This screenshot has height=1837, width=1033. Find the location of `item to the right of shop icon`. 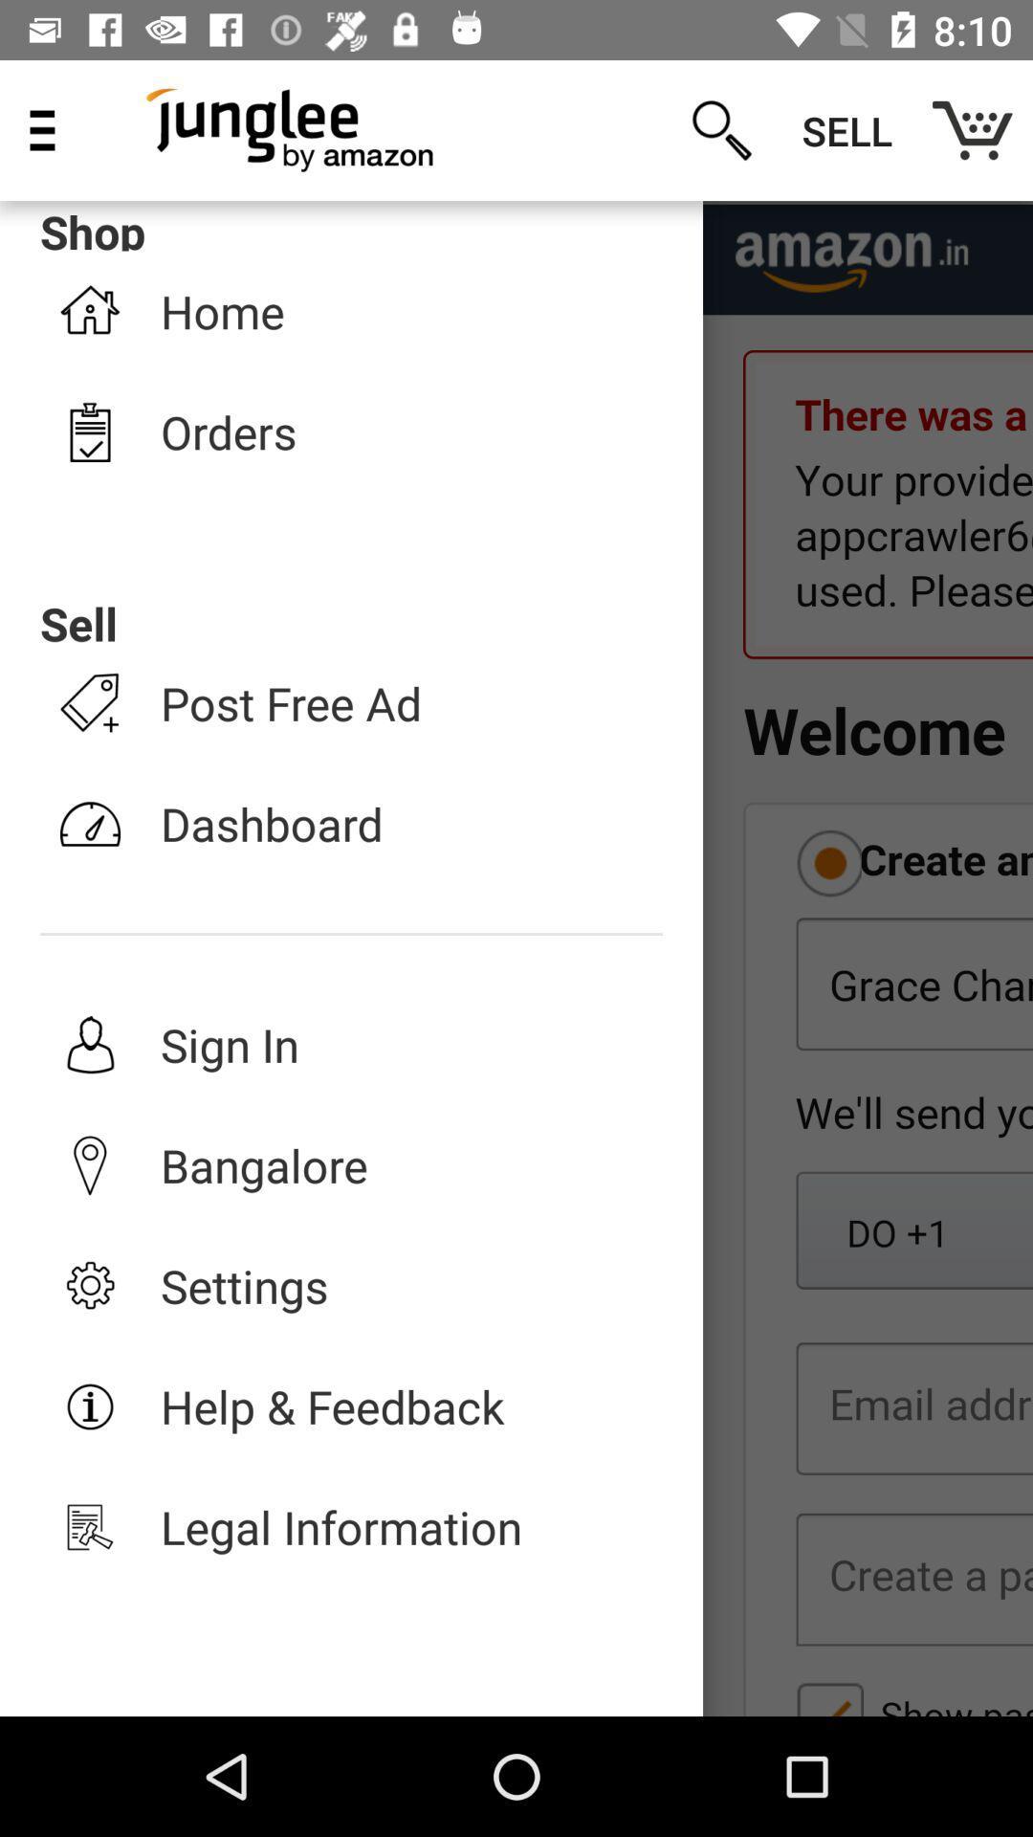

item to the right of shop icon is located at coordinates (721, 129).